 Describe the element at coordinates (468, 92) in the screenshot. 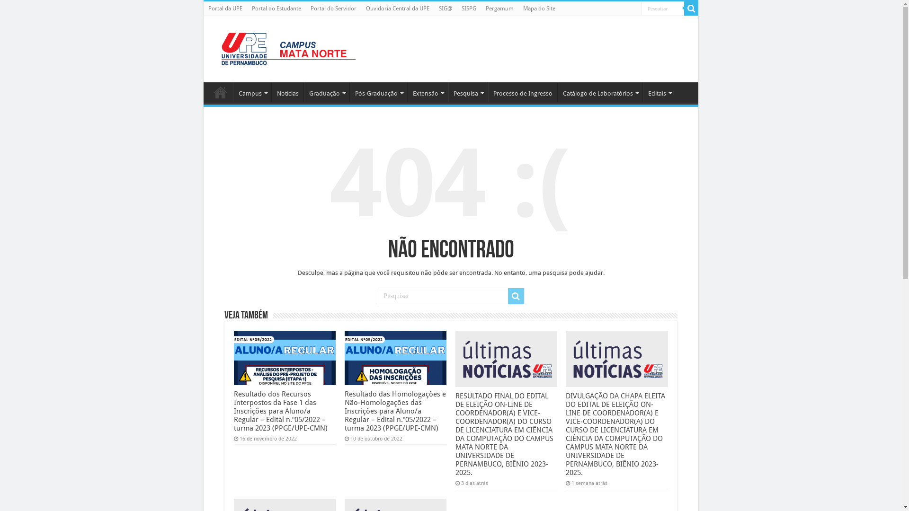

I see `'Pesquisa'` at that location.